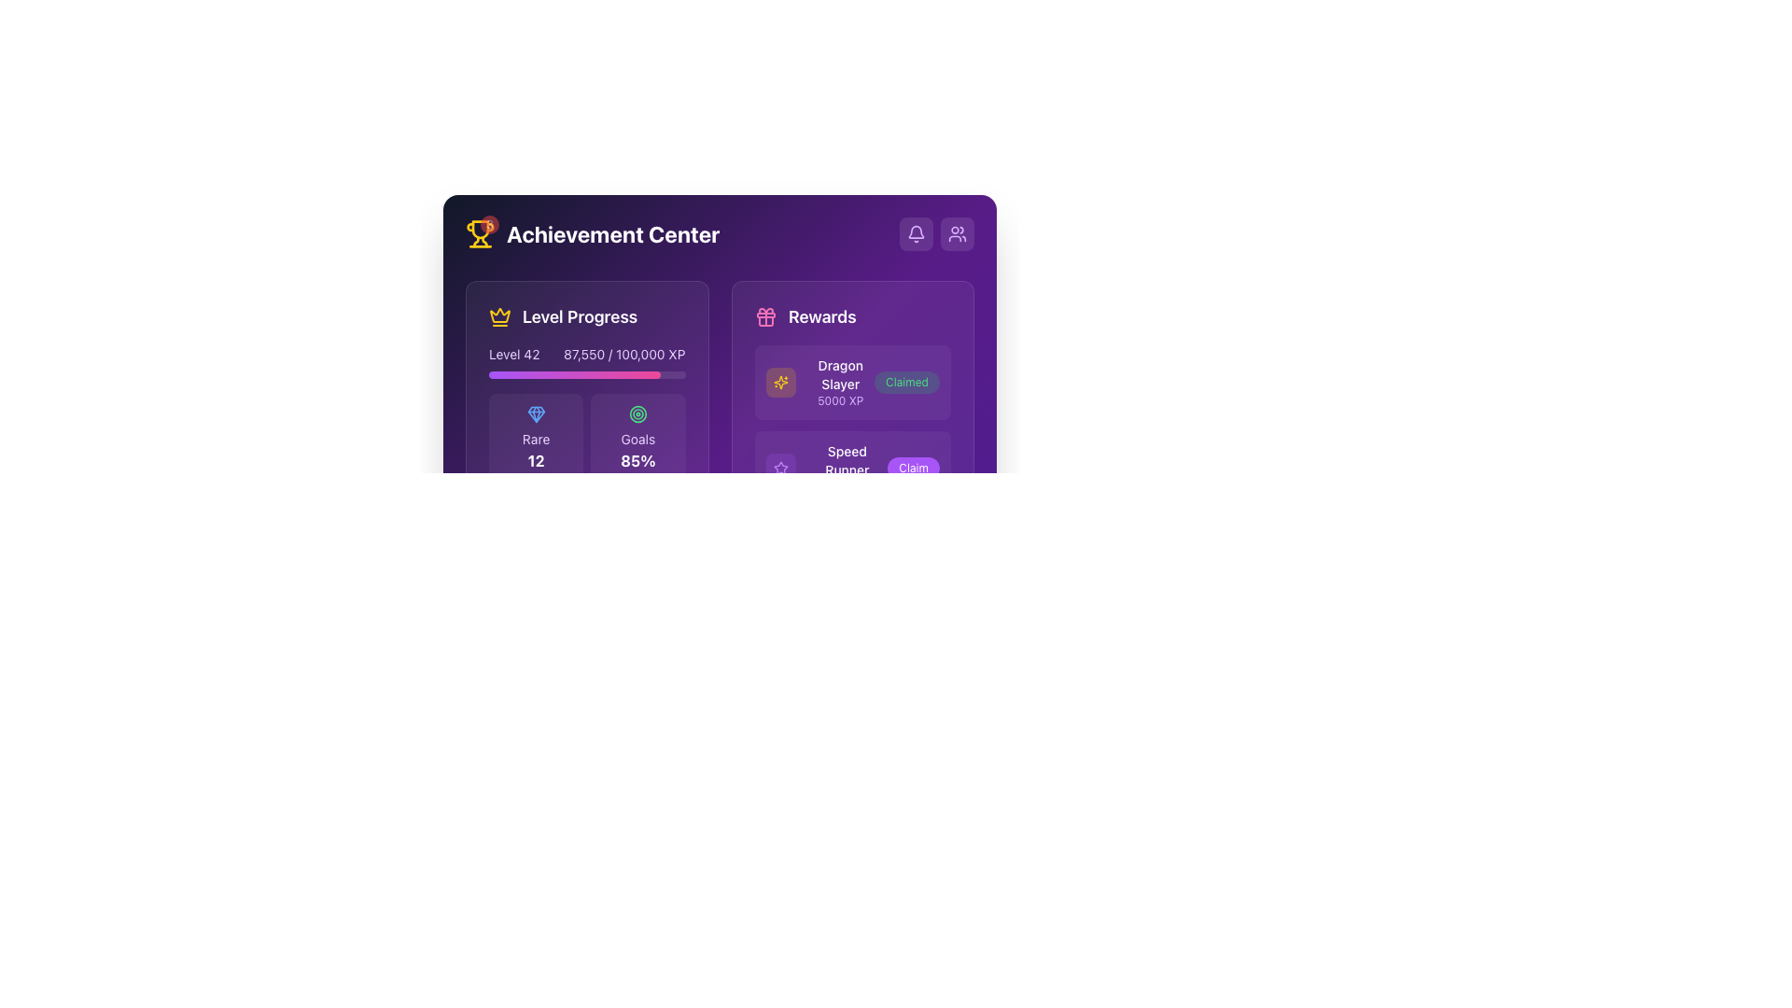 The width and height of the screenshot is (1792, 1008). What do you see at coordinates (907, 381) in the screenshot?
I see `the 'Claimed' status label, which is a rectangular badge with green text on a soft green background, located to the right of the 'Dragon Slayer' reward name` at bounding box center [907, 381].